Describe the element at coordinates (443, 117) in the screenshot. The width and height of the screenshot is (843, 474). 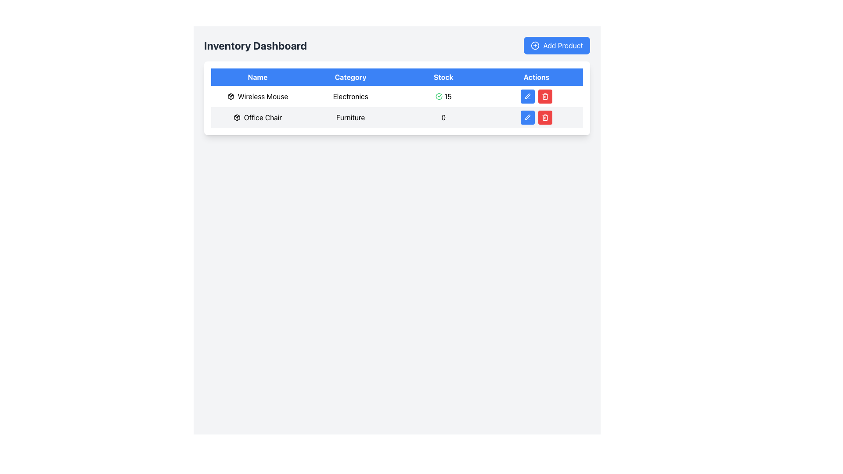
I see `the numeric label displaying the value '0' in the 'Stock' column of the second row in the table, aligned with 'Office Chair' in the 'Name' column` at that location.